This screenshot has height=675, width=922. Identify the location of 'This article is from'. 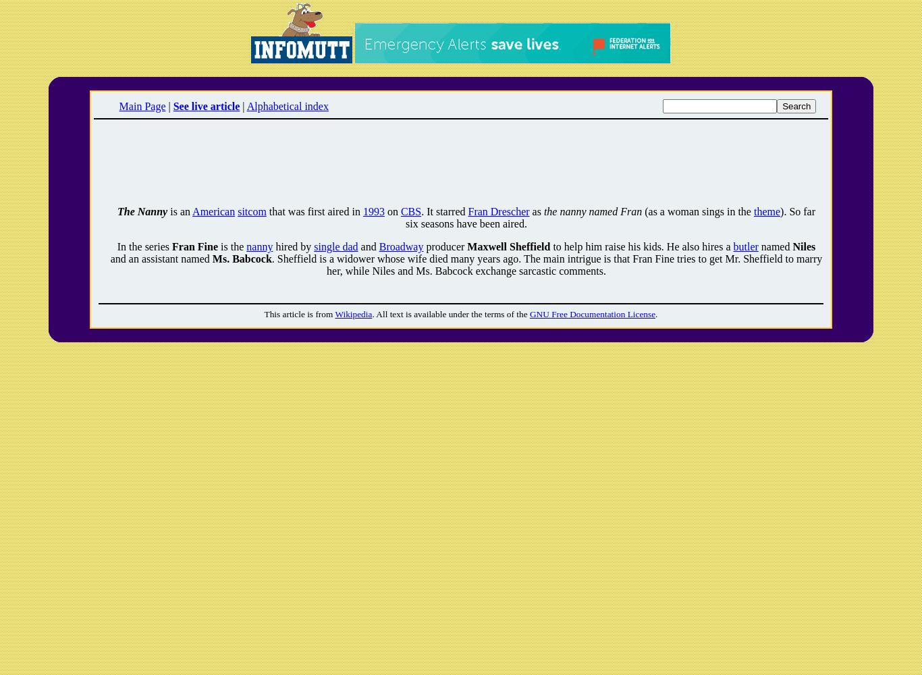
(298, 313).